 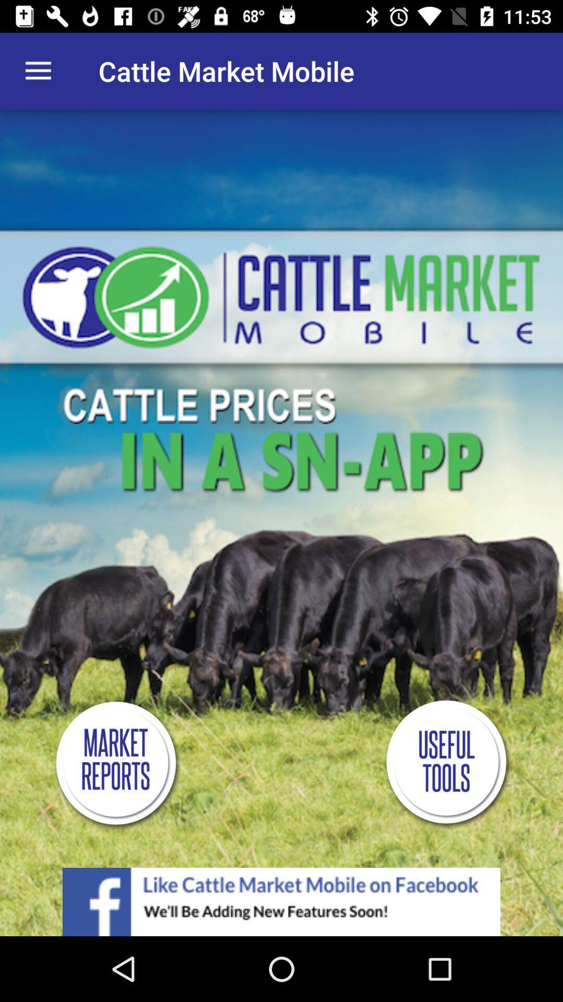 What do you see at coordinates (281, 901) in the screenshot?
I see `click an advertisement` at bounding box center [281, 901].